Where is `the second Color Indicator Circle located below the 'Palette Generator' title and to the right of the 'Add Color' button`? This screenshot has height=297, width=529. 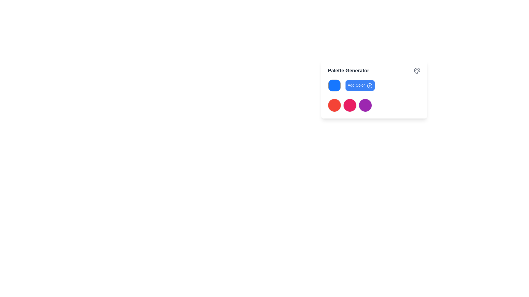
the second Color Indicator Circle located below the 'Palette Generator' title and to the right of the 'Add Color' button is located at coordinates (350, 105).